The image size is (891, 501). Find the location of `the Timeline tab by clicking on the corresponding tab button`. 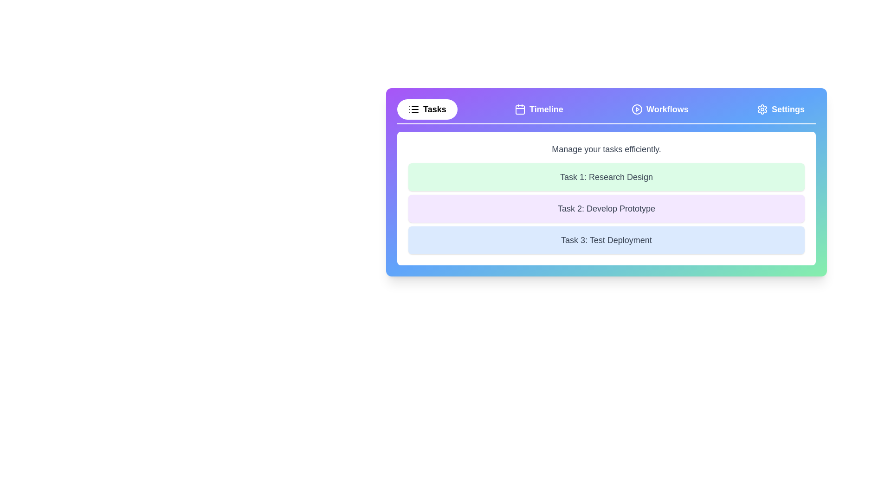

the Timeline tab by clicking on the corresponding tab button is located at coordinates (539, 109).